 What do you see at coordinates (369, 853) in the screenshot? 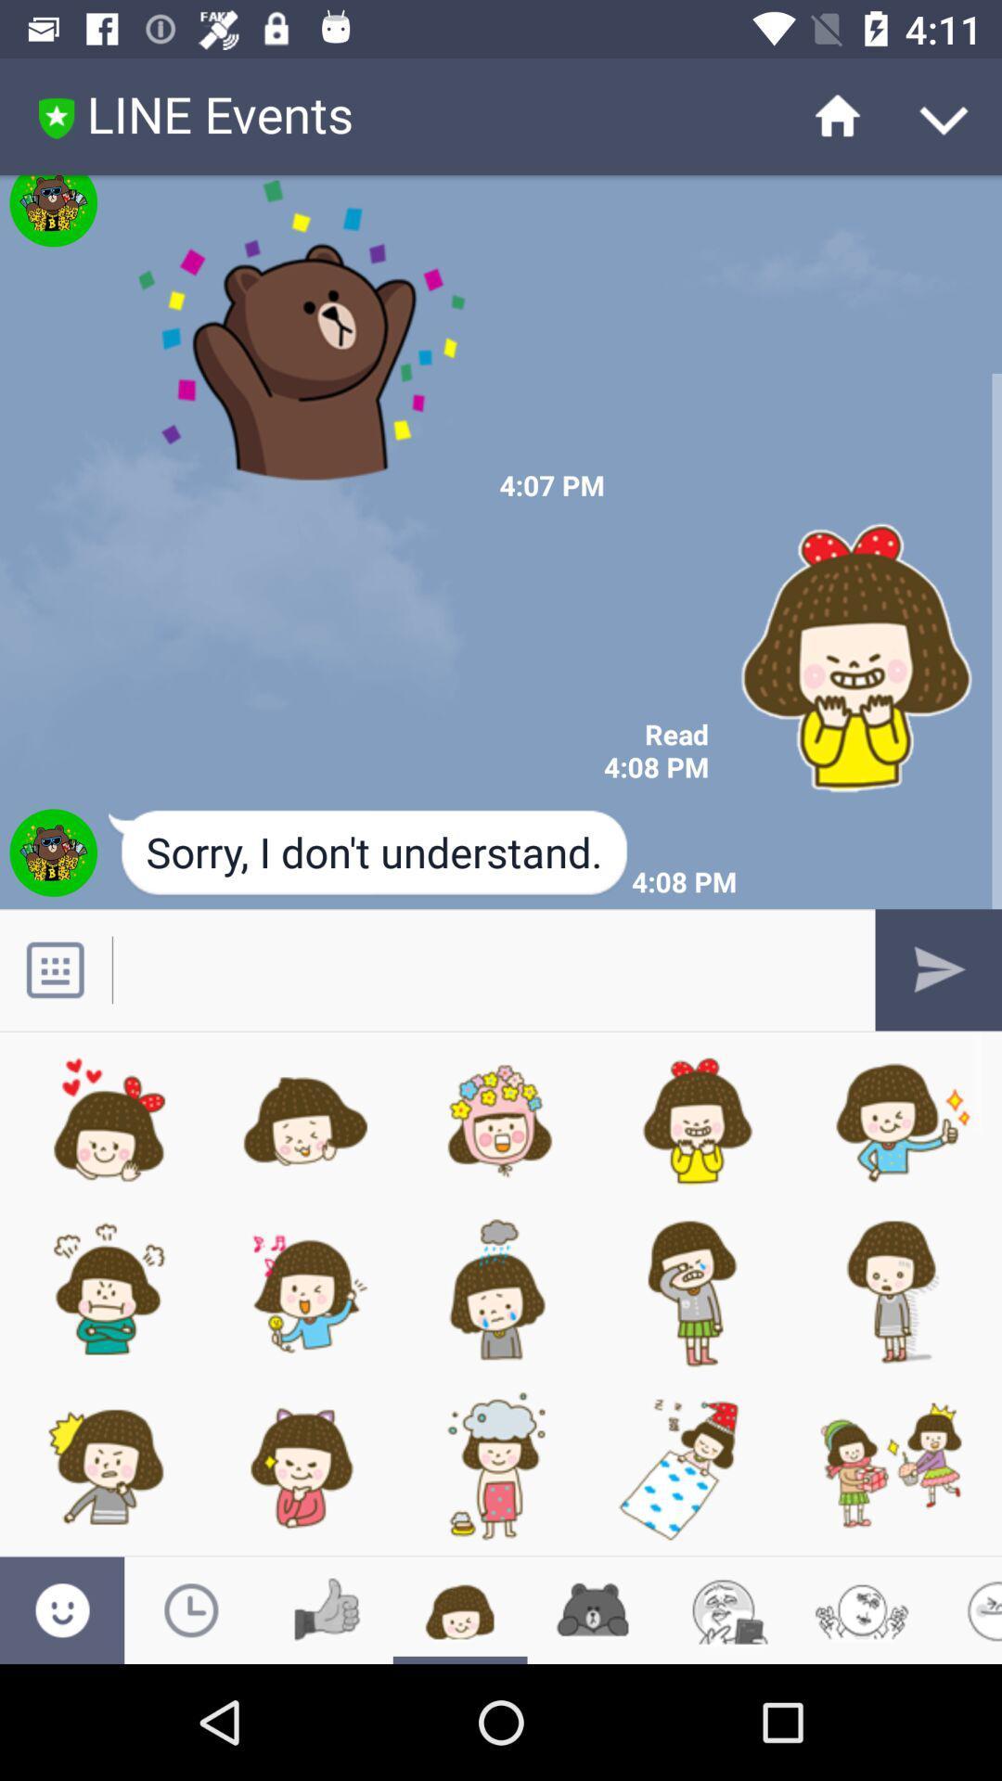
I see `the icon below 4:08 pm icon` at bounding box center [369, 853].